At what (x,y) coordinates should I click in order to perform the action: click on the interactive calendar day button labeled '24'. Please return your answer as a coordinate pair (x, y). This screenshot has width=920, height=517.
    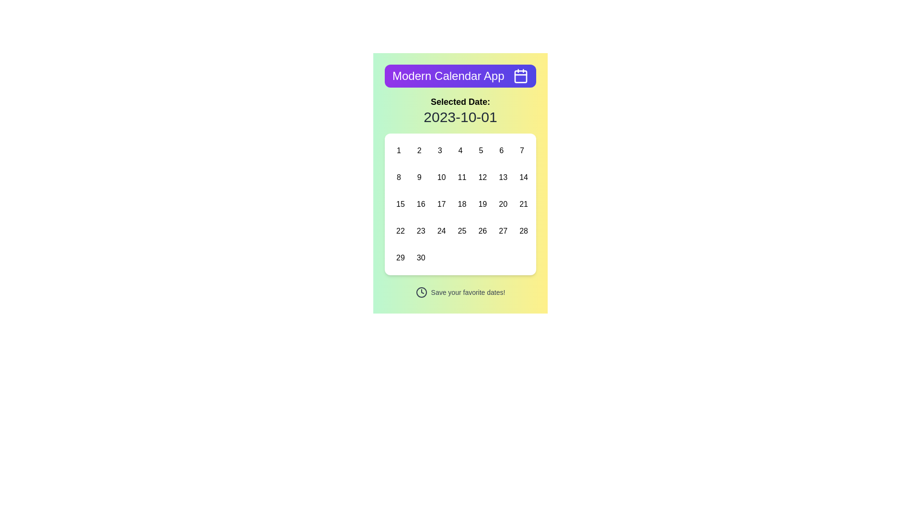
    Looking at the image, I should click on (439, 231).